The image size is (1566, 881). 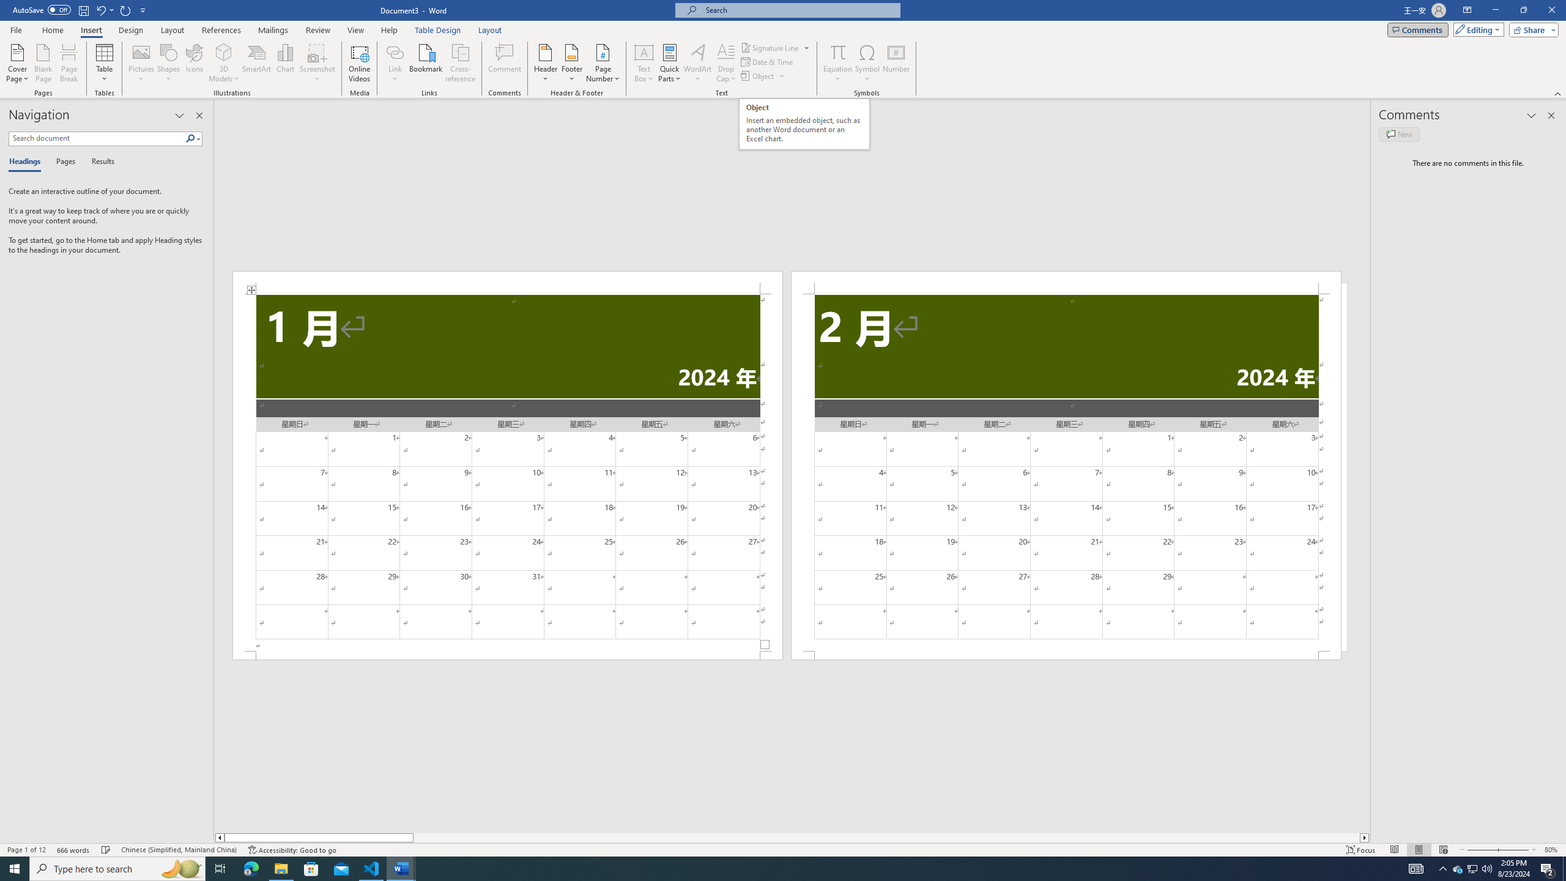 What do you see at coordinates (426, 63) in the screenshot?
I see `'Bookmark...'` at bounding box center [426, 63].